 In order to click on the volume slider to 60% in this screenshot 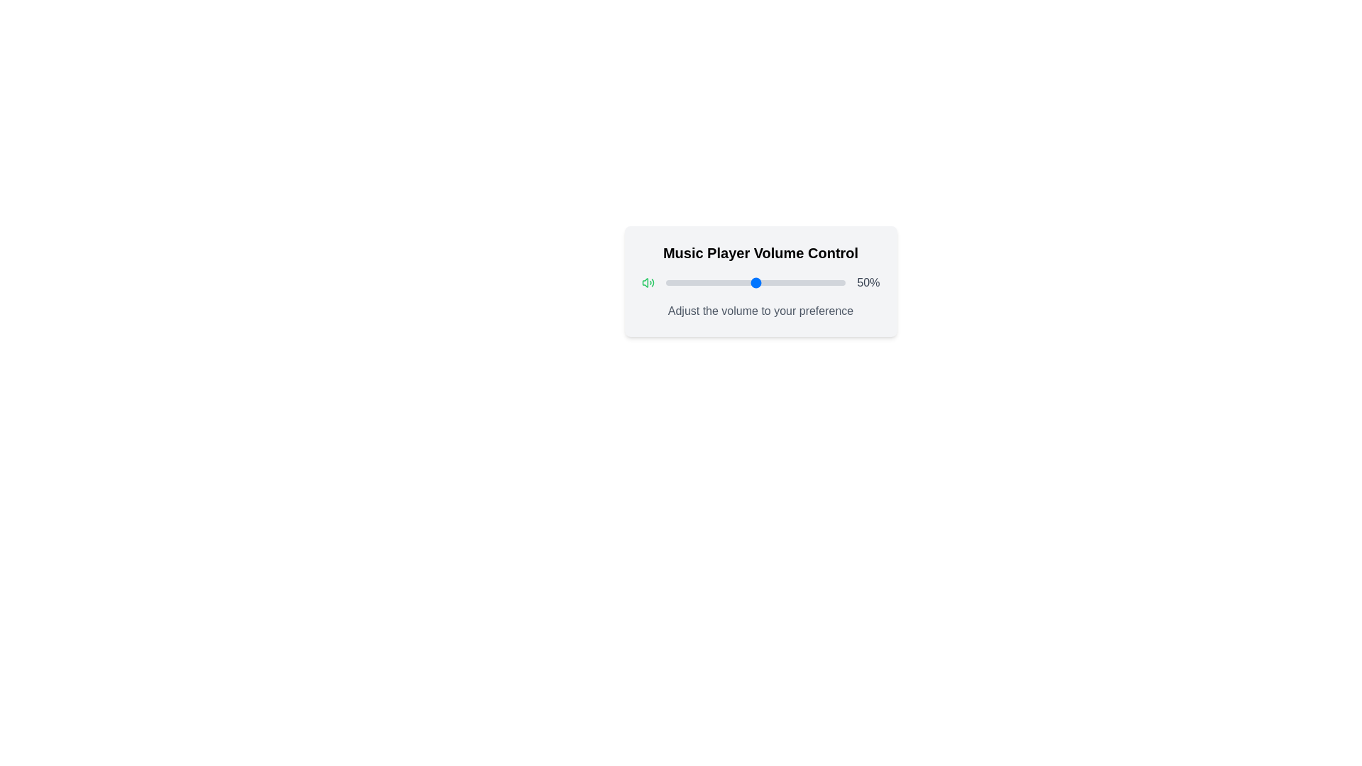, I will do `click(773, 282)`.